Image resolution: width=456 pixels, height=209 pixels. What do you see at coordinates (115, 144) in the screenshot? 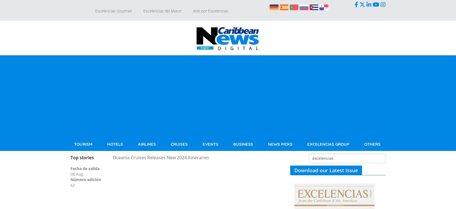
I see `'Hotels'` at bounding box center [115, 144].